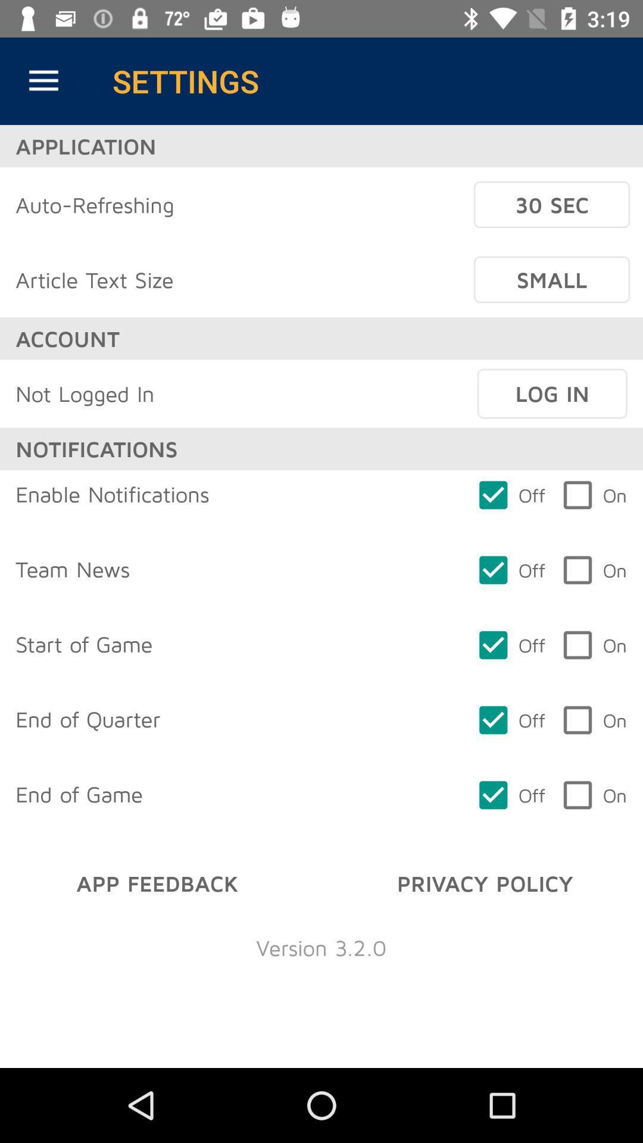 Image resolution: width=643 pixels, height=1143 pixels. What do you see at coordinates (43, 80) in the screenshot?
I see `item to the left of settings icon` at bounding box center [43, 80].